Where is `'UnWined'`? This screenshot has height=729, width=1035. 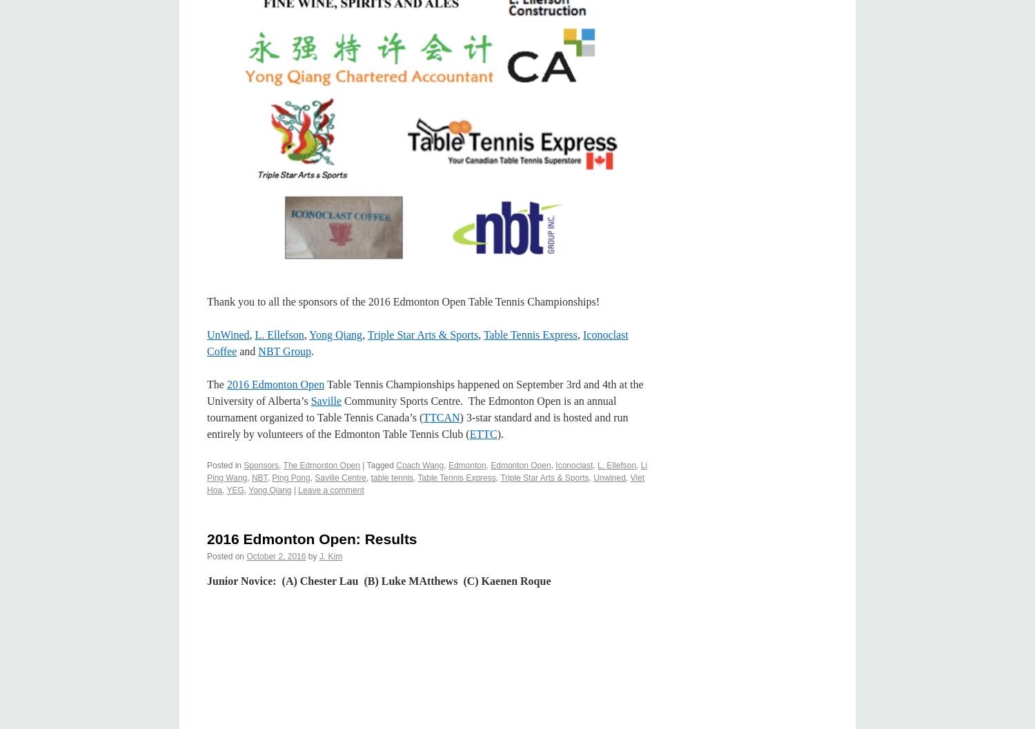 'UnWined' is located at coordinates (227, 334).